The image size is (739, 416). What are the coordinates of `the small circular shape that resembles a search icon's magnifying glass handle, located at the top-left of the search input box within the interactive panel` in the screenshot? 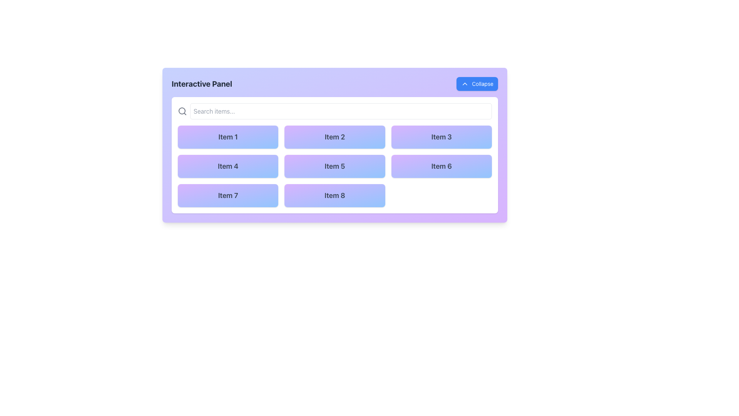 It's located at (182, 111).